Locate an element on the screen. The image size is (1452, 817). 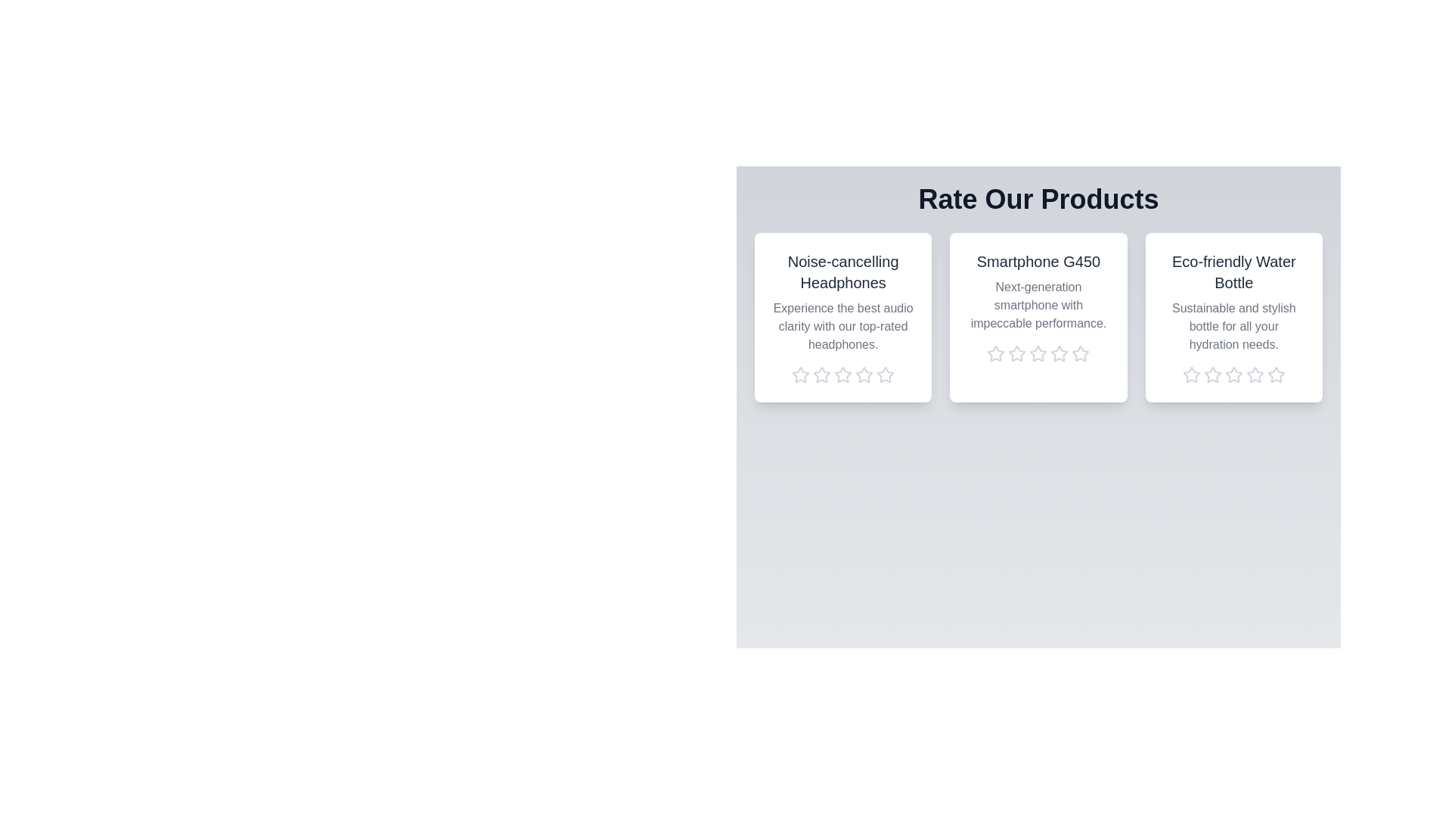
the product name Eco-friendly Water Bottle to trigger its associated action is located at coordinates (1233, 271).